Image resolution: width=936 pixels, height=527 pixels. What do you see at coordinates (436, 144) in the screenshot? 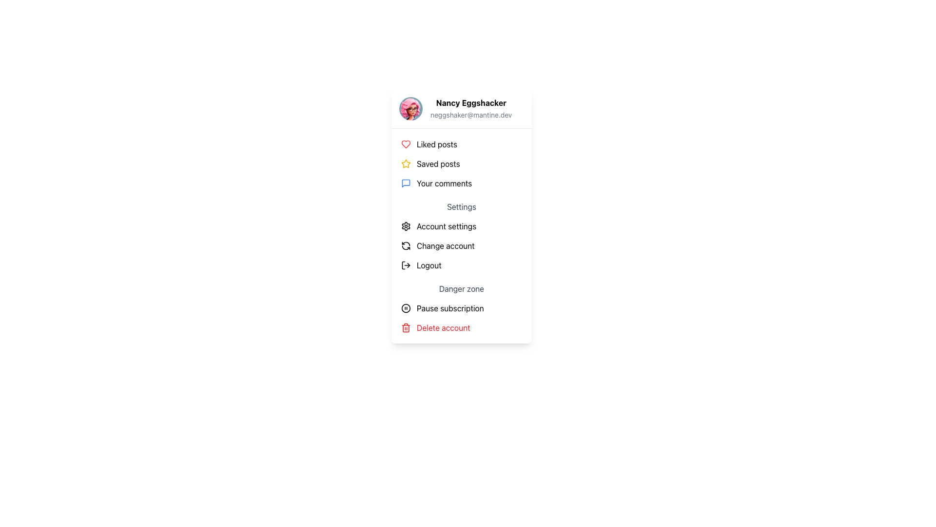
I see `the static text label for the 'Liked posts' menu item, which is positioned adjacent to a heart icon` at bounding box center [436, 144].